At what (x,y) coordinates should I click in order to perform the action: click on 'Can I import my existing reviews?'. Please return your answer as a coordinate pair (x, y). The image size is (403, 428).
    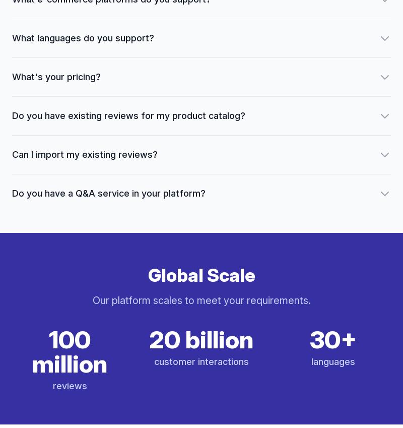
    Looking at the image, I should click on (84, 154).